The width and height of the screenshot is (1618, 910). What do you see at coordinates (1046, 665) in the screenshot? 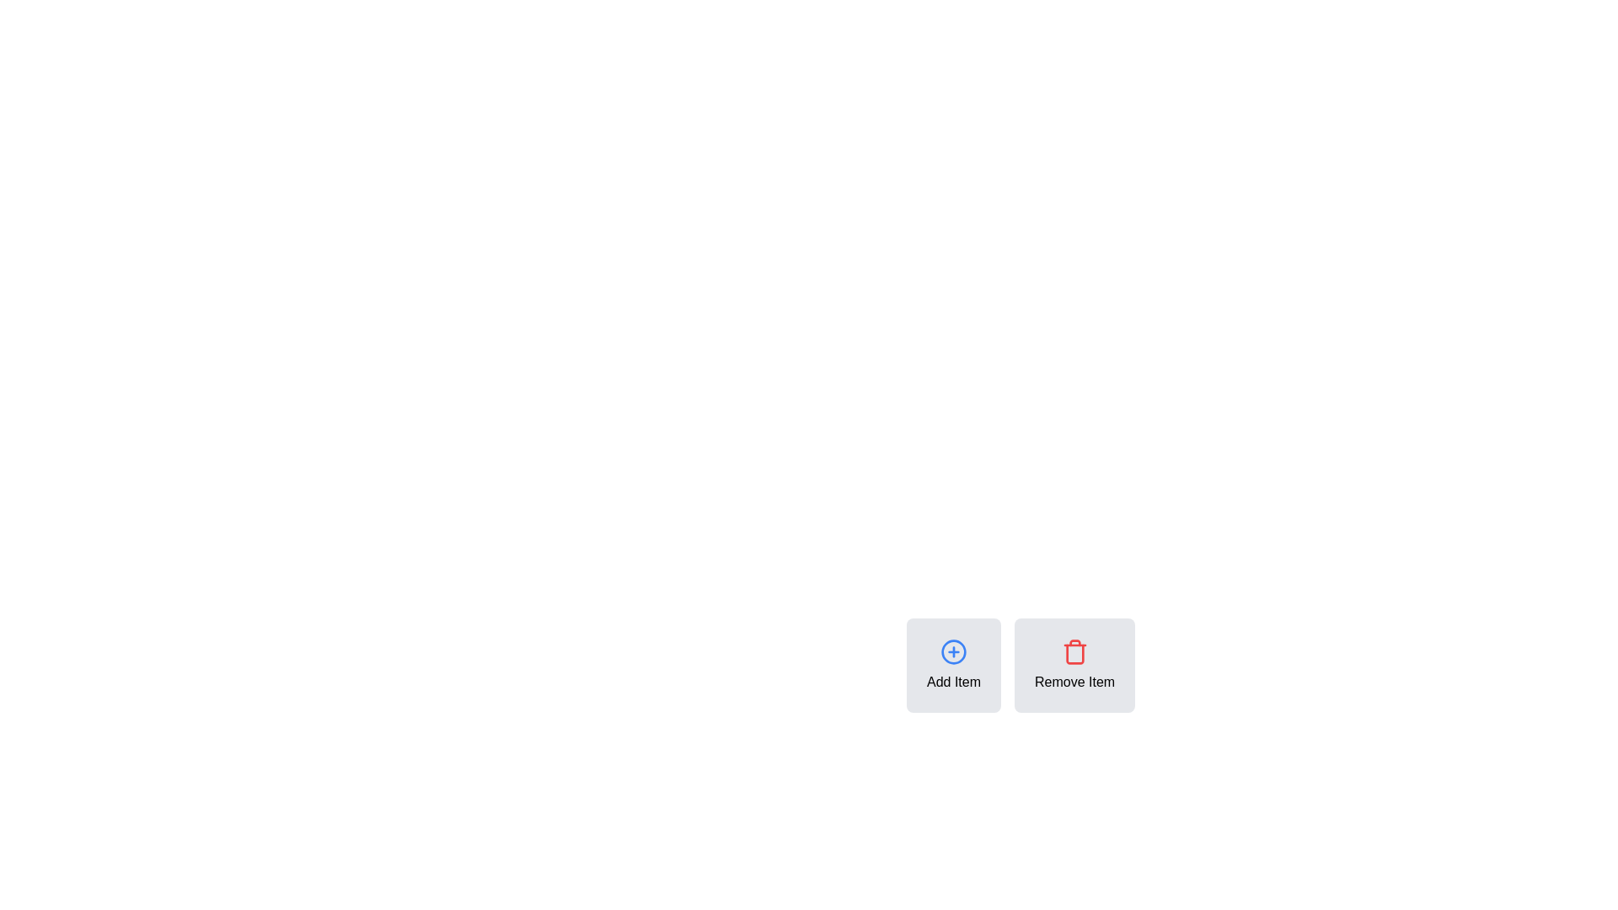
I see `the 'Remove Item' button, which is a rectangular button with a light gray background and a red trash bin icon, located to the right of the 'Add Item' button` at bounding box center [1046, 665].